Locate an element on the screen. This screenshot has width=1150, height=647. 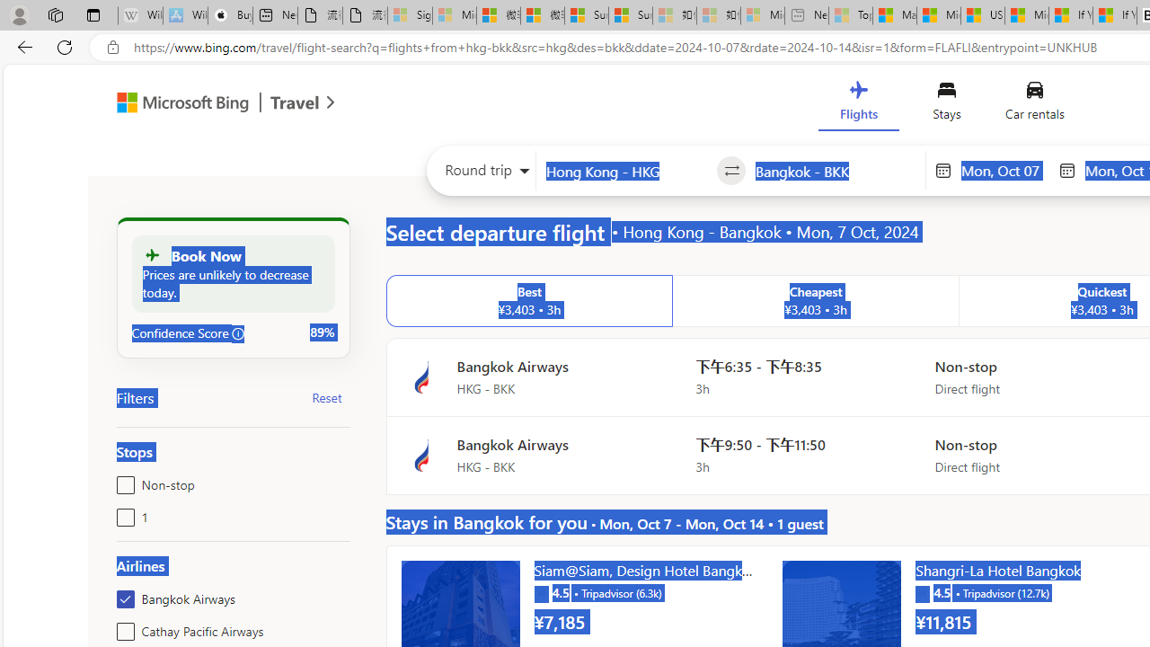
'Cathay Pacific Airways' is located at coordinates (121, 627).